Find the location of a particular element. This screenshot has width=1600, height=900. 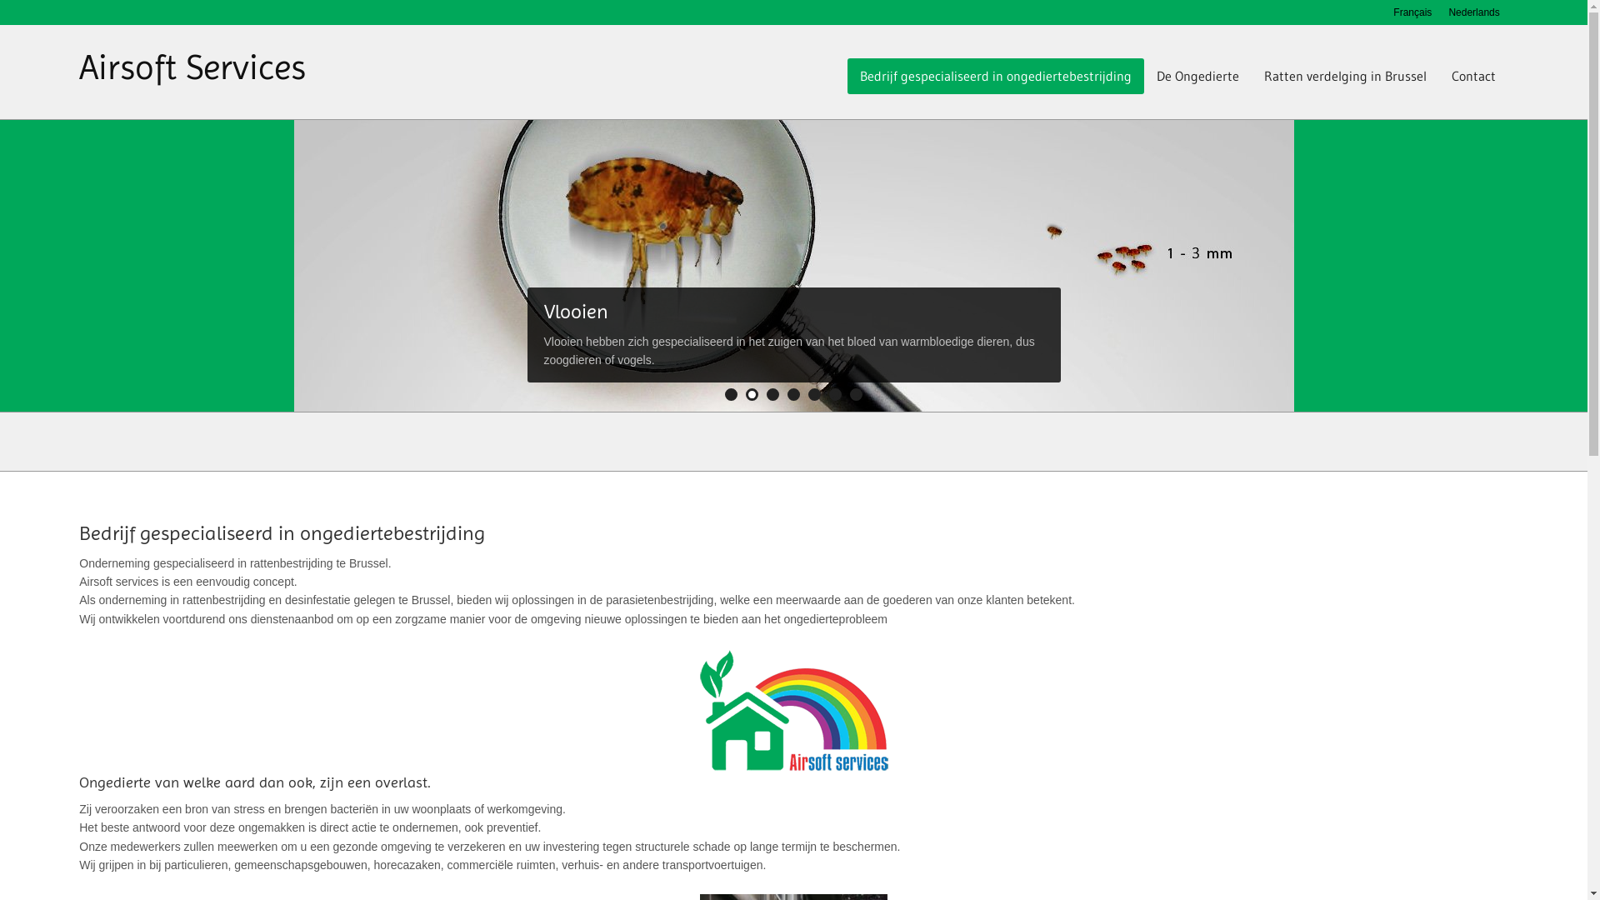

'5' is located at coordinates (814, 394).